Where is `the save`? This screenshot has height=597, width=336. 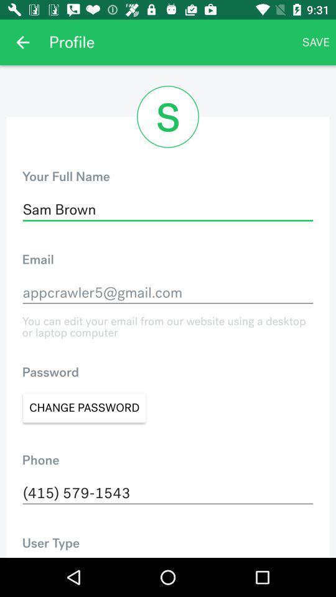 the save is located at coordinates (315, 42).